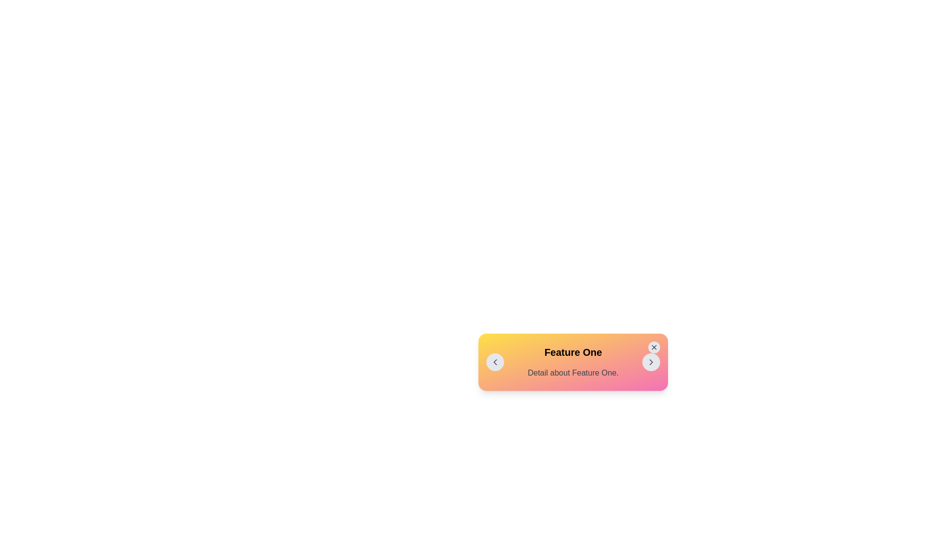 The width and height of the screenshot is (948, 533). What do you see at coordinates (654, 347) in the screenshot?
I see `the Circle Button located at the top-right corner of the gradient-colored rectangular box with rounded edges` at bounding box center [654, 347].